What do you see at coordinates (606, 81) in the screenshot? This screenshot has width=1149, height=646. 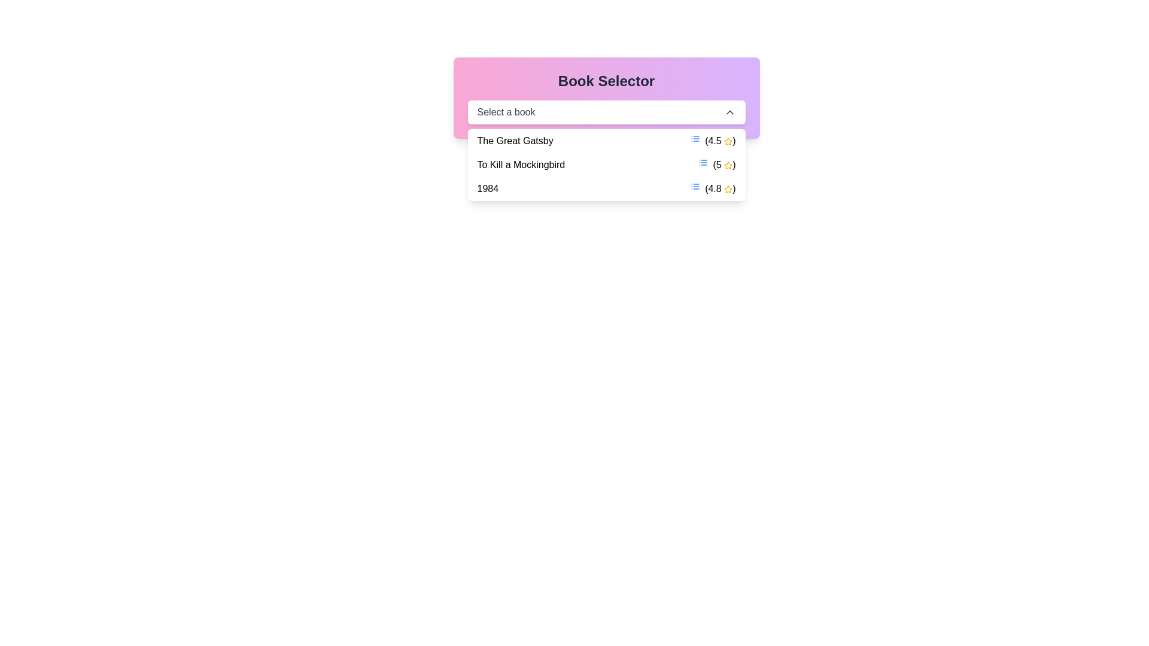 I see `the text label reading 'Book Selector' which is prominently displayed in bold, large font at the top of the selection interface, centered within a gradient background` at bounding box center [606, 81].